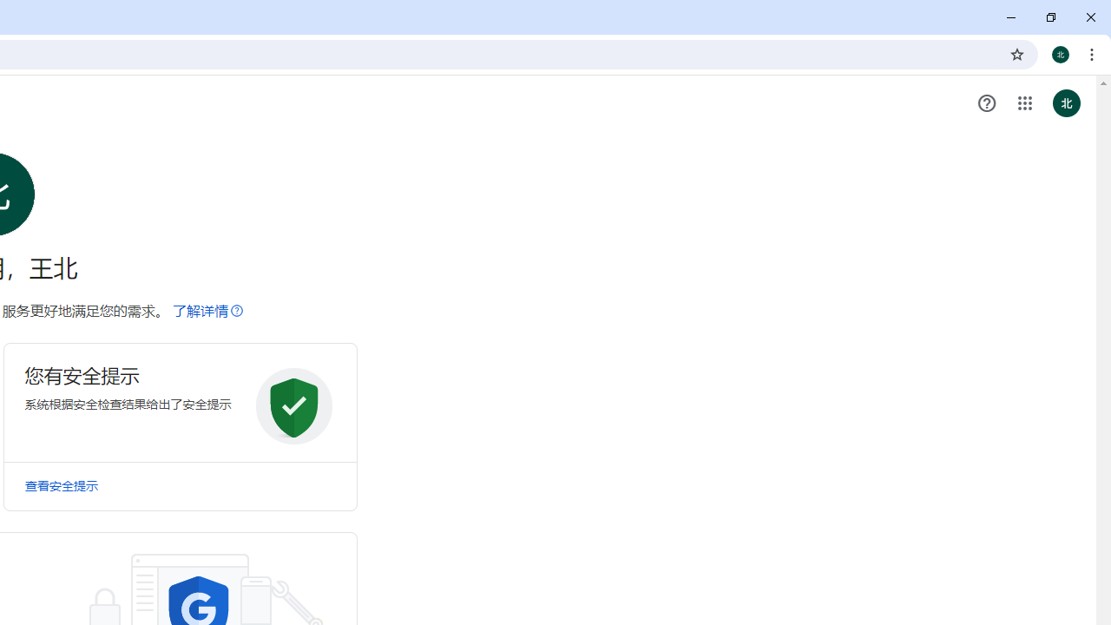  I want to click on 'Minimize', so click(1011, 17).